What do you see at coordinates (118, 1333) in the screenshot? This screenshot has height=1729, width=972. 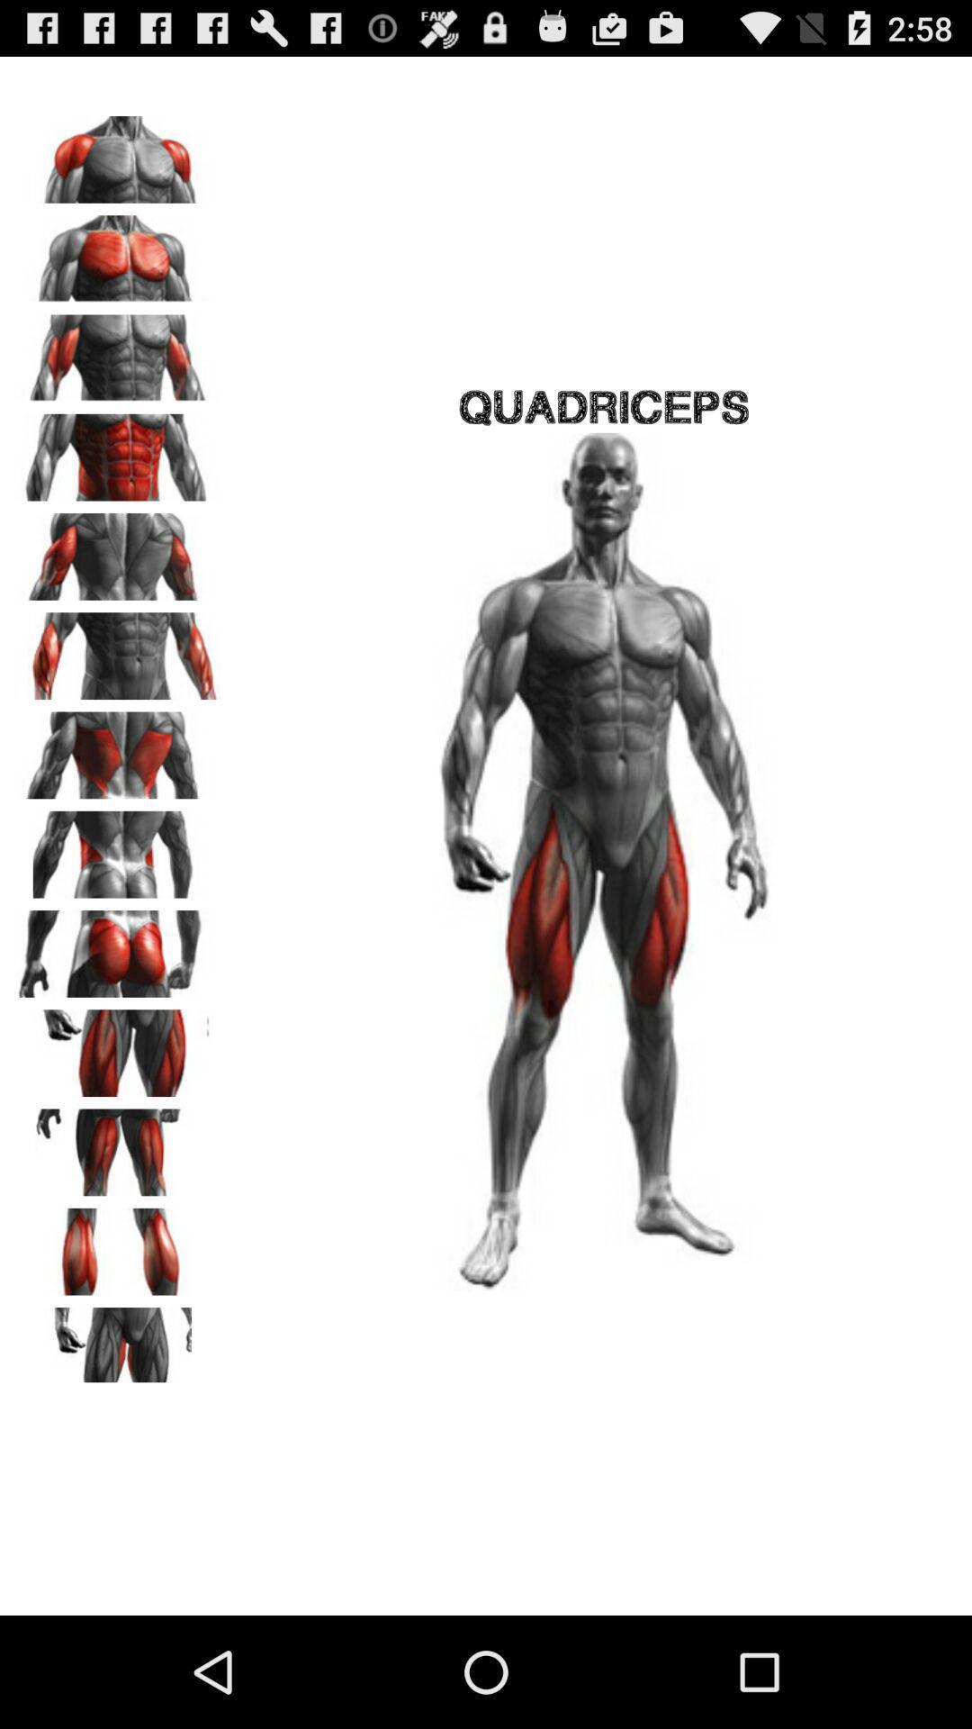 I see `the pause icon` at bounding box center [118, 1333].